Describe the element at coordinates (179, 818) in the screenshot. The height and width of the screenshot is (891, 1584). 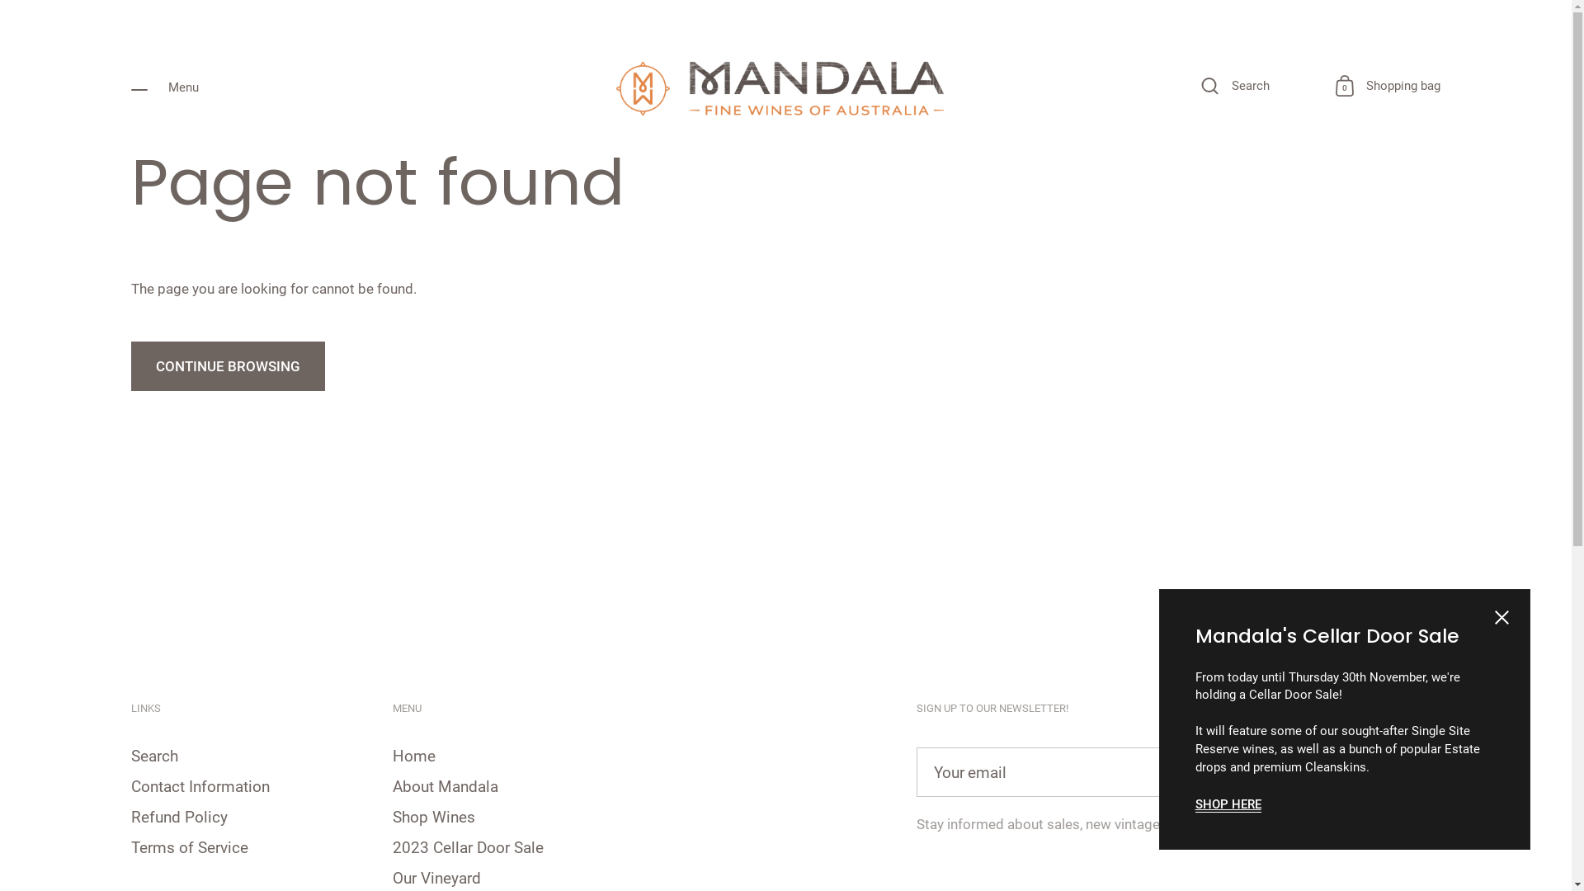
I see `'Refund Policy'` at that location.